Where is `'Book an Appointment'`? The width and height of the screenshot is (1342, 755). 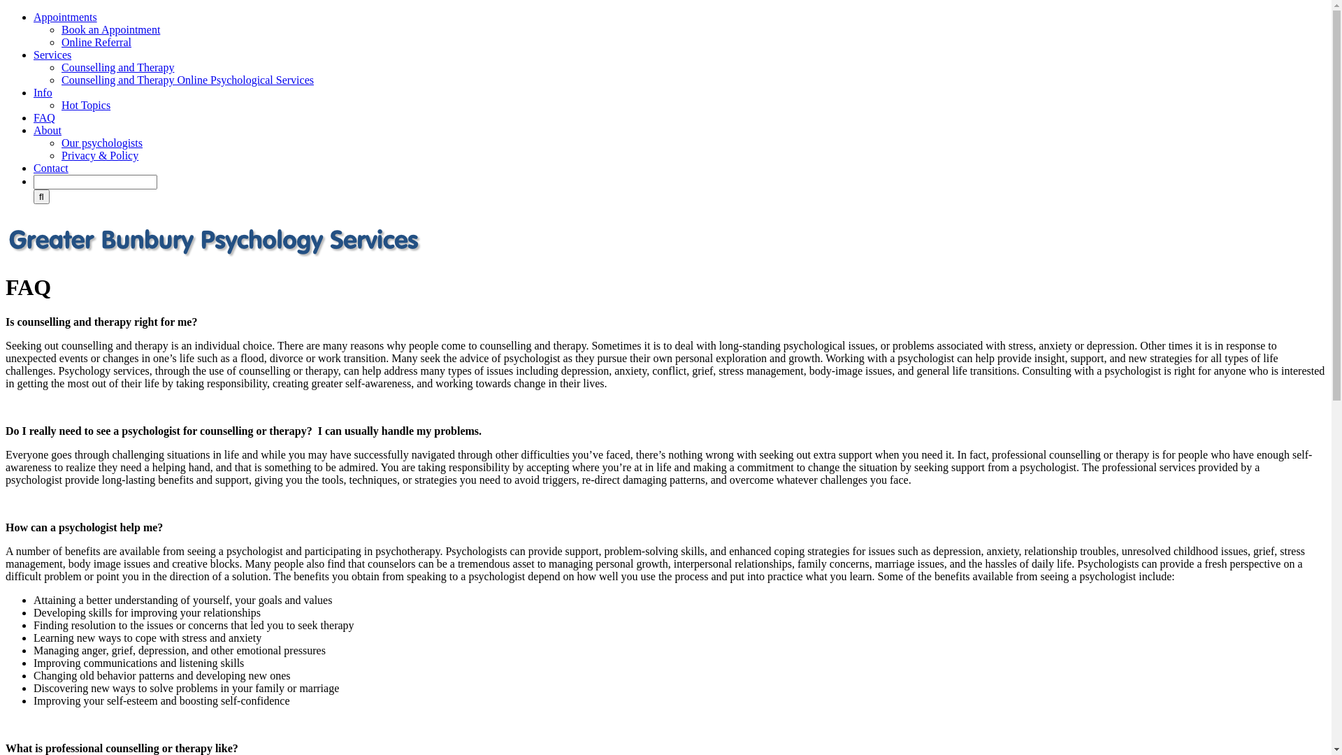 'Book an Appointment' is located at coordinates (60, 29).